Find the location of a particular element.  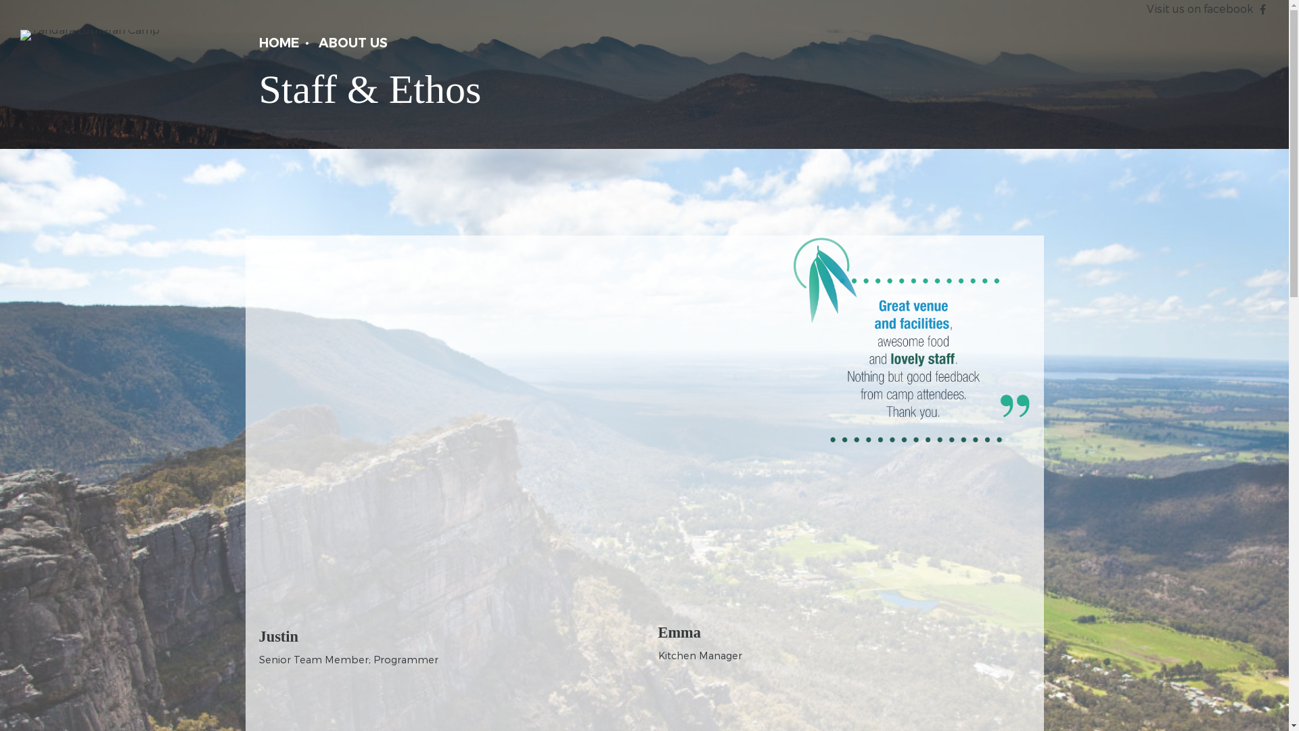

'Visit us on facebook' is located at coordinates (1200, 8).